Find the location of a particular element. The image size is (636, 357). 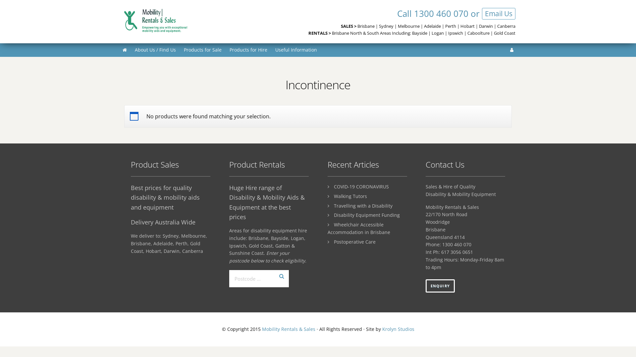

'ENQUIRY' is located at coordinates (440, 285).